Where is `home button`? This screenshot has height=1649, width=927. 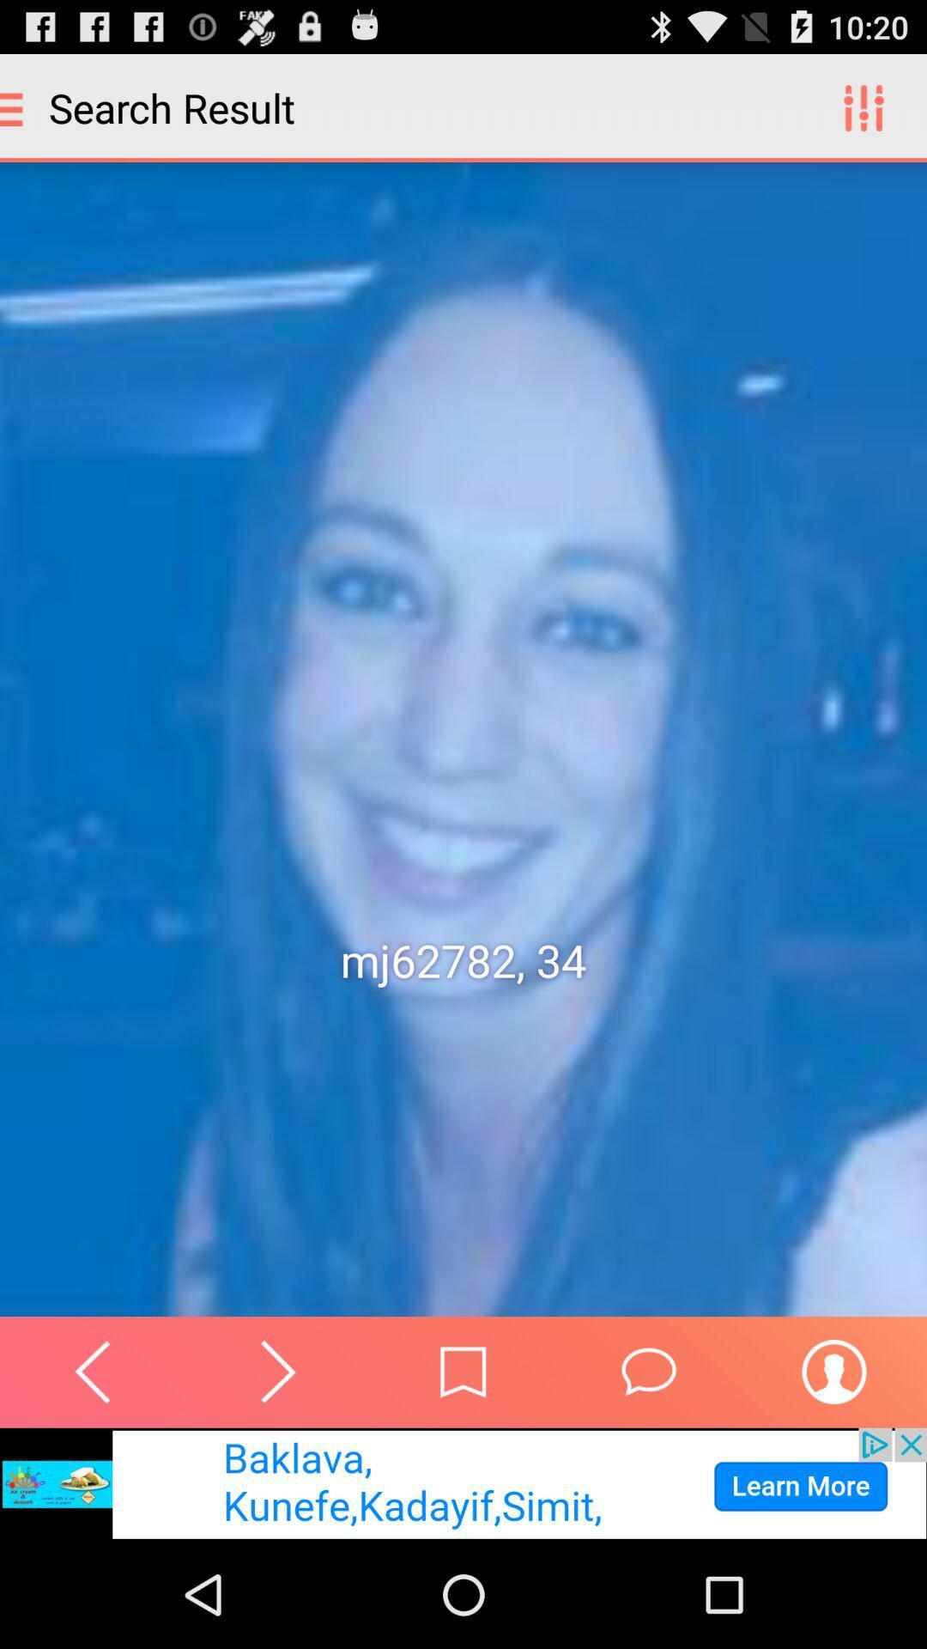 home button is located at coordinates (463, 1371).